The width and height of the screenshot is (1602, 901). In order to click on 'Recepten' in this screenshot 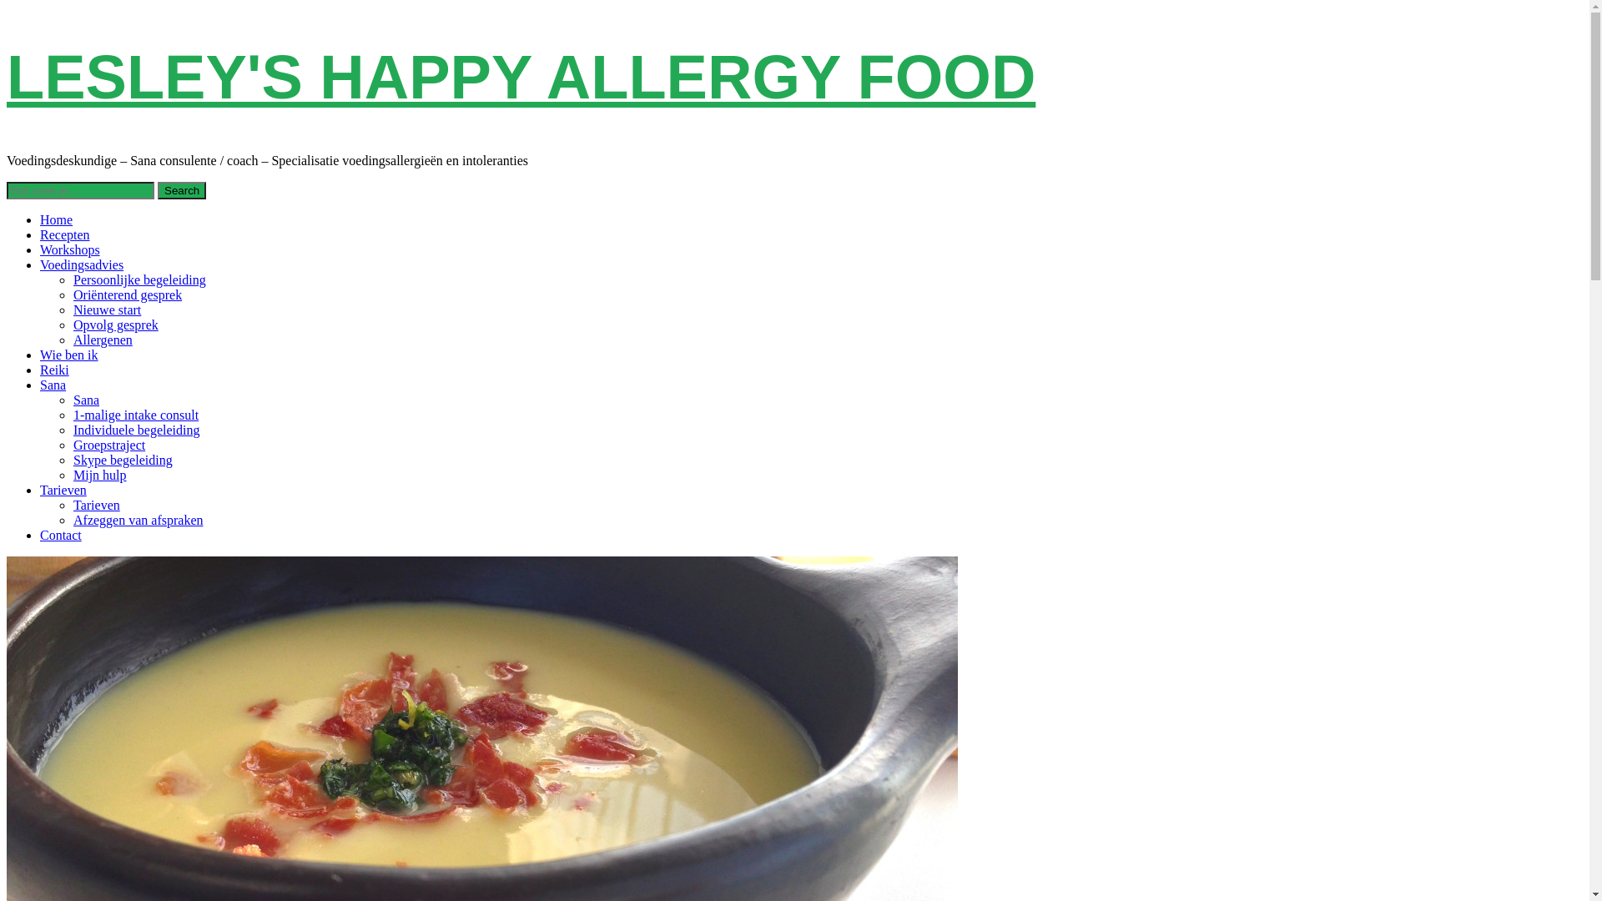, I will do `click(64, 234)`.